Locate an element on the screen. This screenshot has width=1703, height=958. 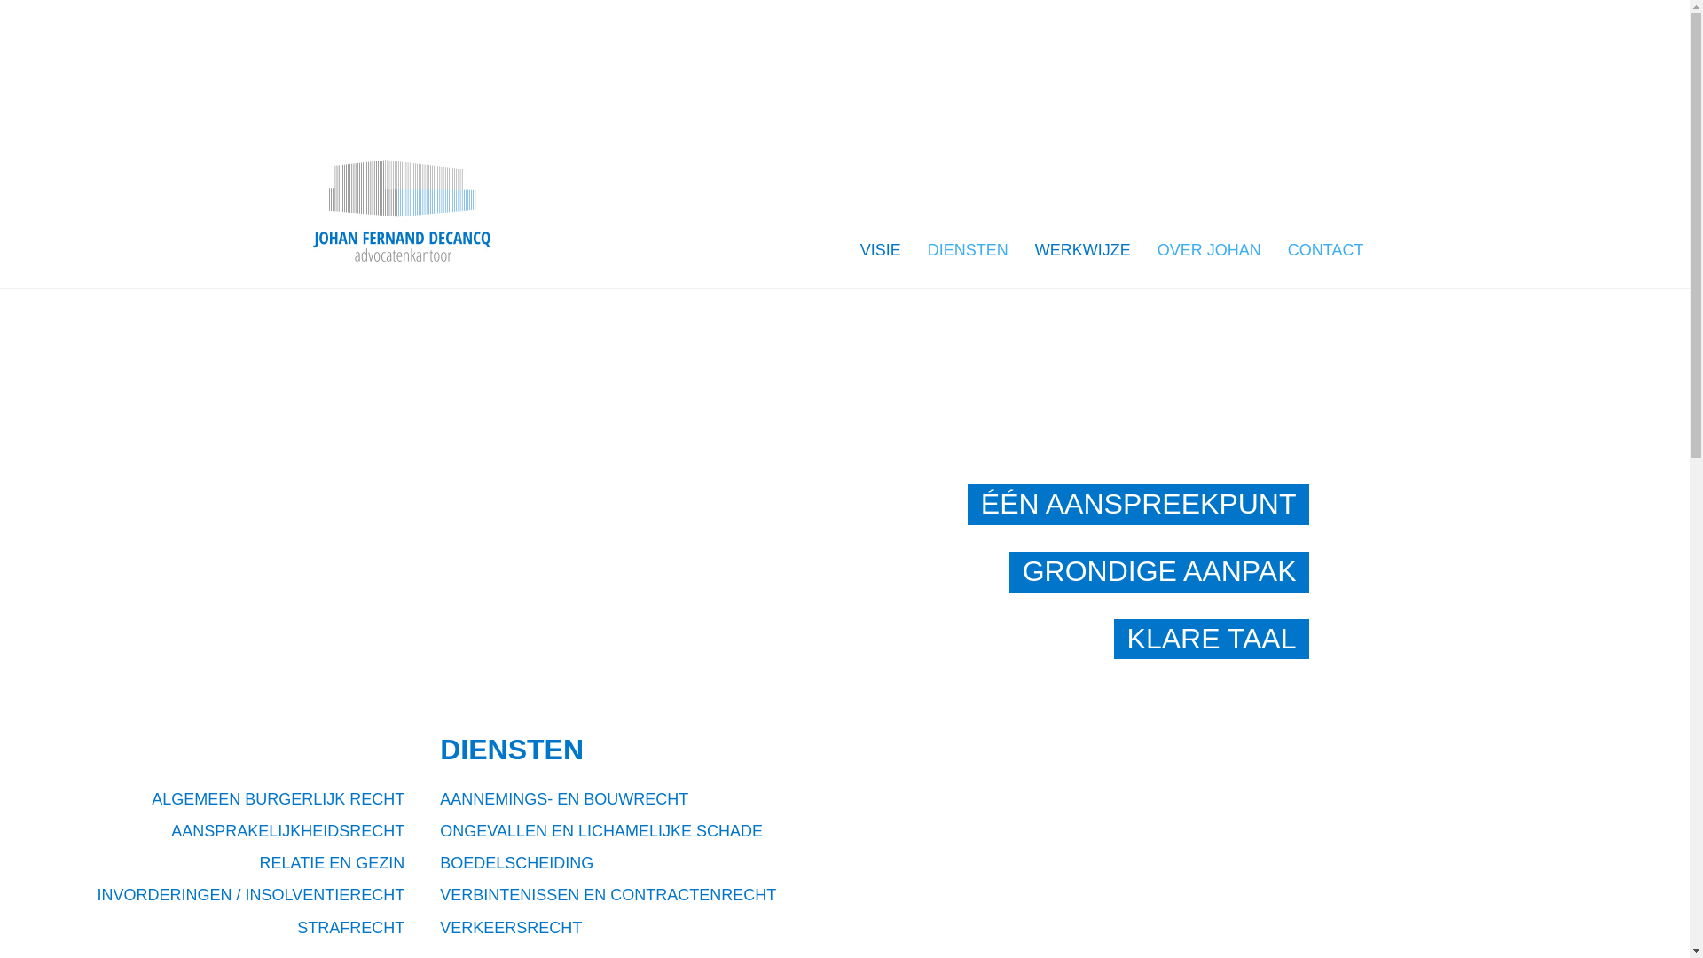
'AANSPRAKELIJKHEIDSRECHT' is located at coordinates (170, 831).